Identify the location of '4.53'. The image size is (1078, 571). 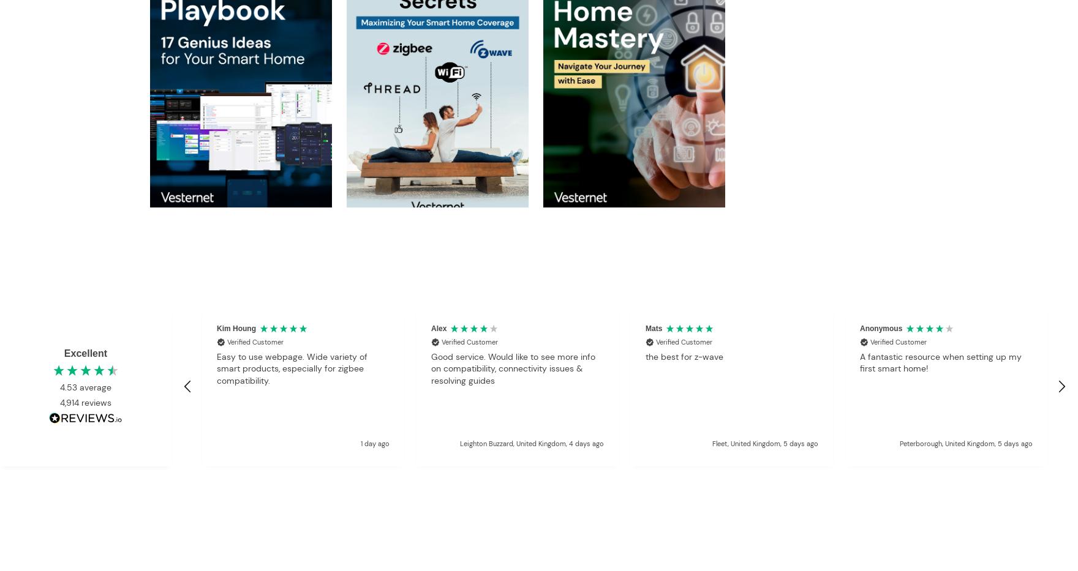
(70, 387).